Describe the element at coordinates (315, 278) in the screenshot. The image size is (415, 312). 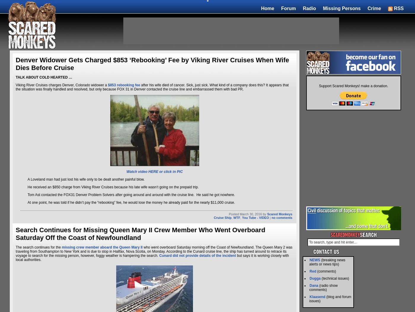
I see `'Dugga'` at that location.